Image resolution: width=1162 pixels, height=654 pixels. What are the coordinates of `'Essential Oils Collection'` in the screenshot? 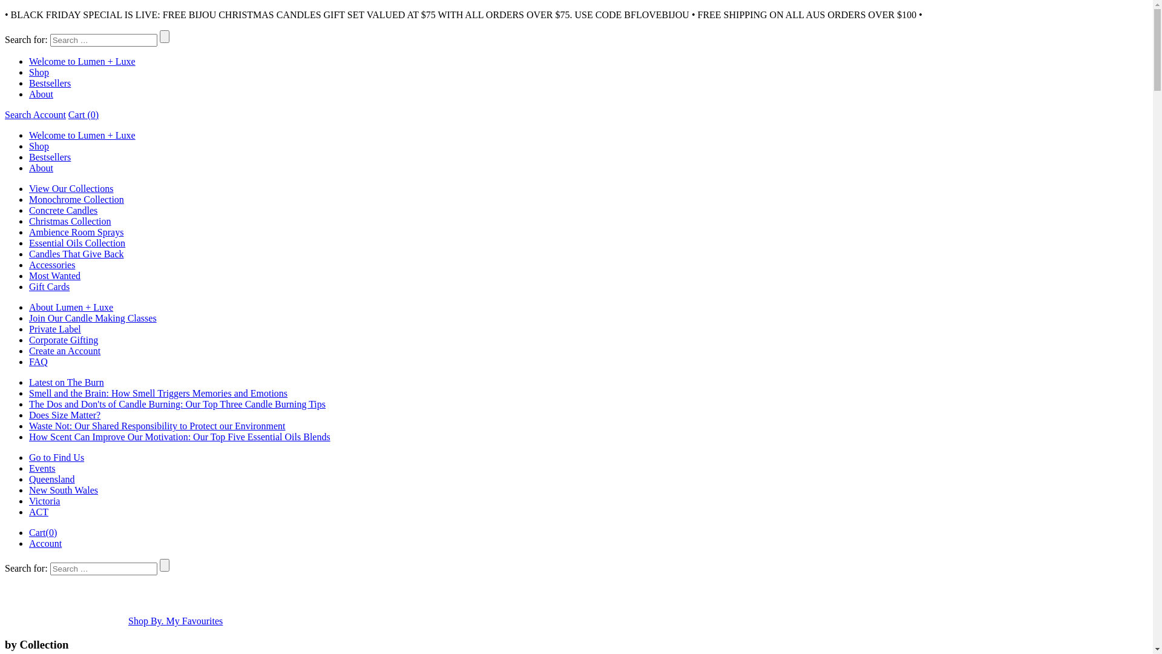 It's located at (76, 243).